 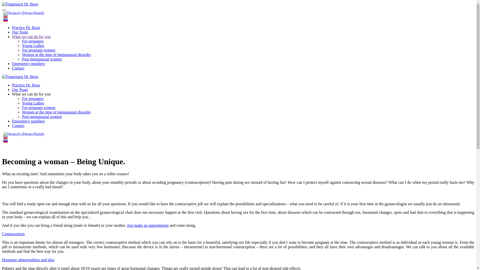 I want to click on 'Practice Dr. Boos', so click(x=12, y=85).